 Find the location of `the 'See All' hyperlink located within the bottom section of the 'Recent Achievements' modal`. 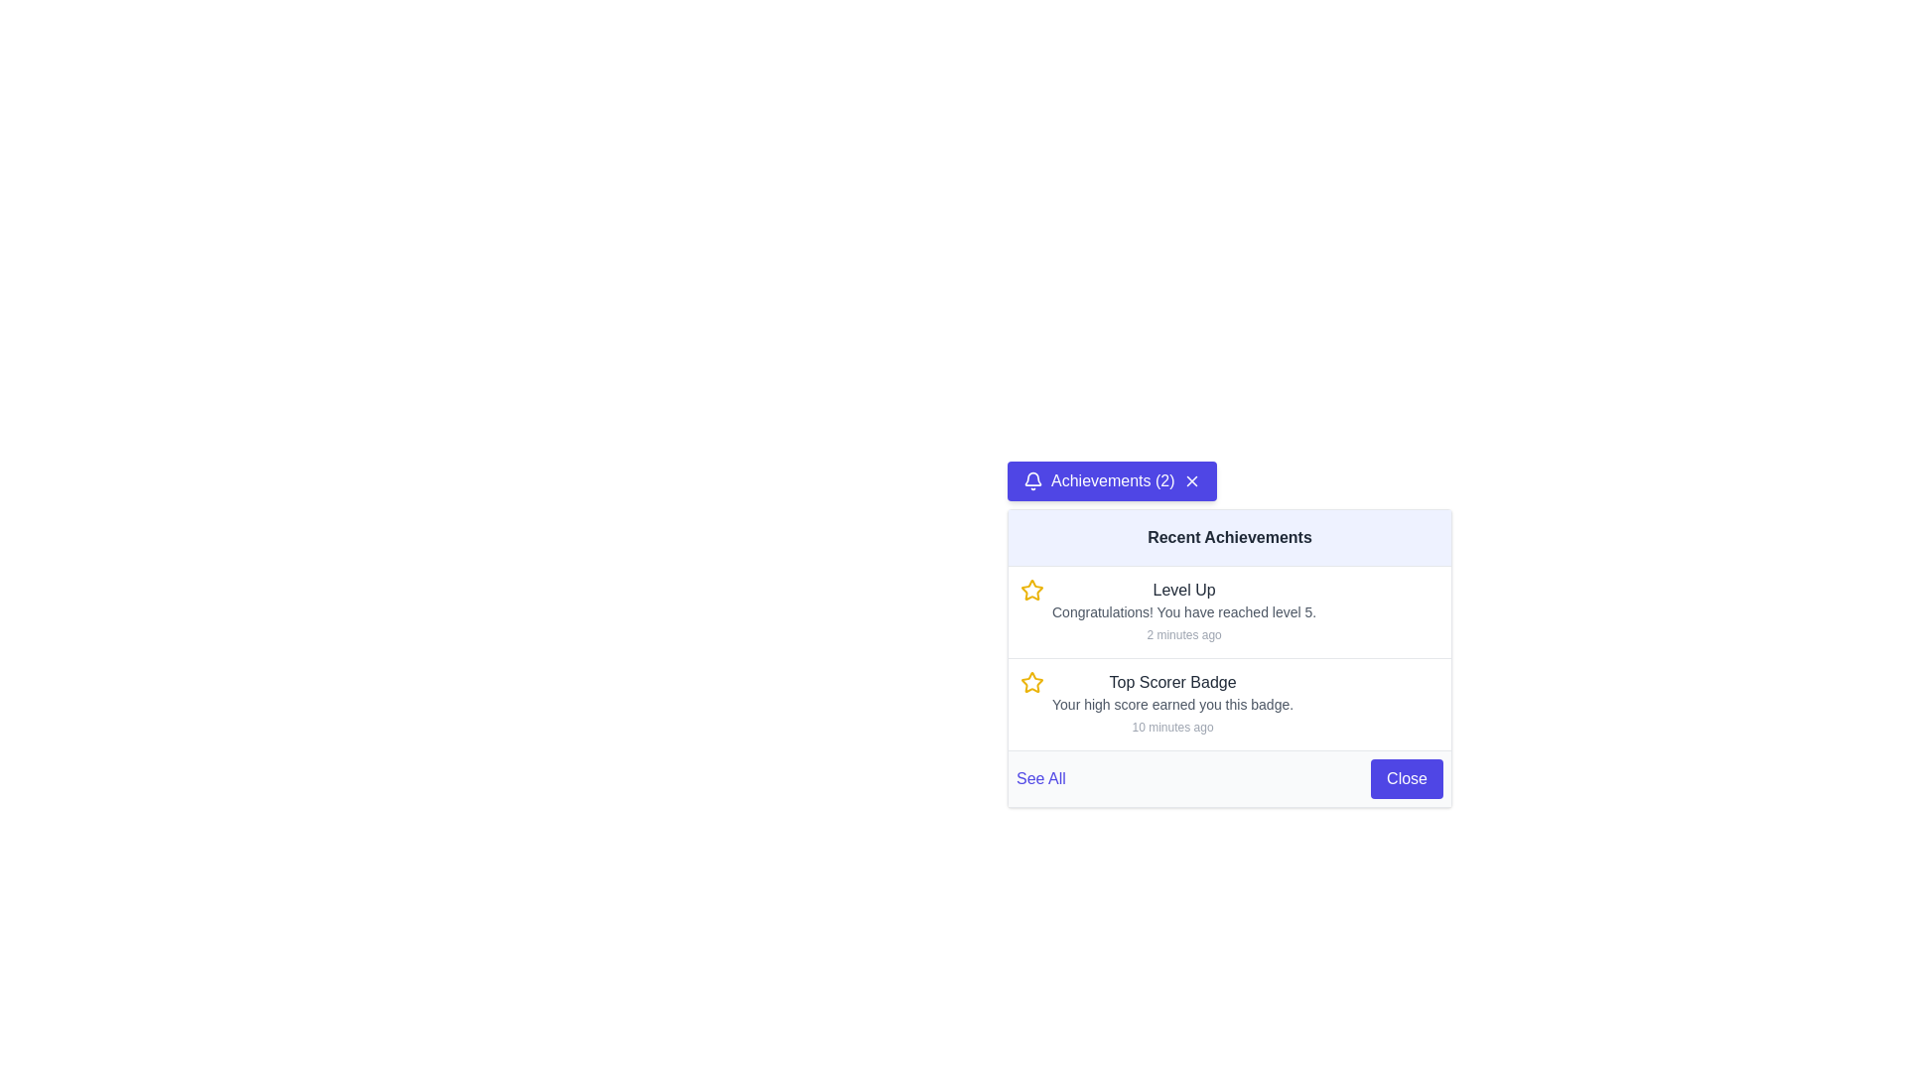

the 'See All' hyperlink located within the bottom section of the 'Recent Achievements' modal is located at coordinates (1228, 776).